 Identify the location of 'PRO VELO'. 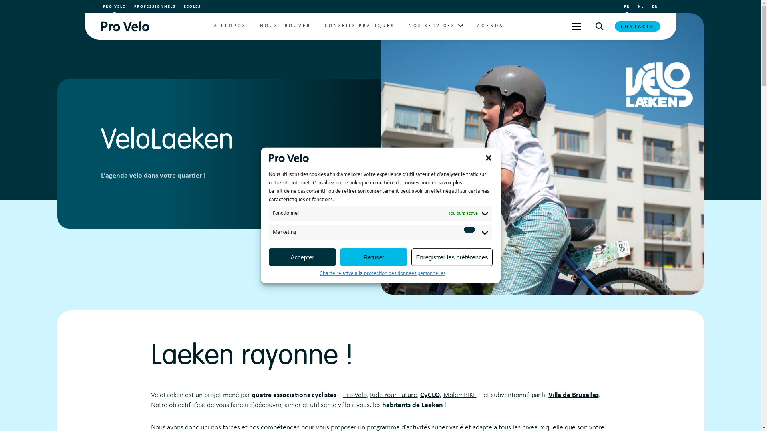
(114, 6).